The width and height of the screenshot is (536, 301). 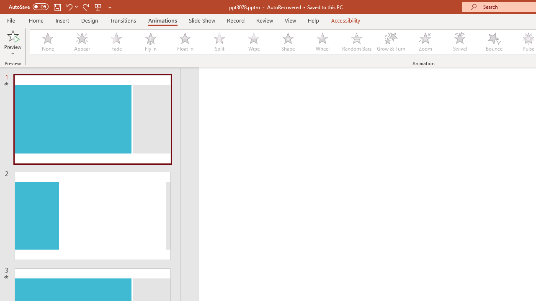 What do you see at coordinates (459, 42) in the screenshot?
I see `'Swivel'` at bounding box center [459, 42].